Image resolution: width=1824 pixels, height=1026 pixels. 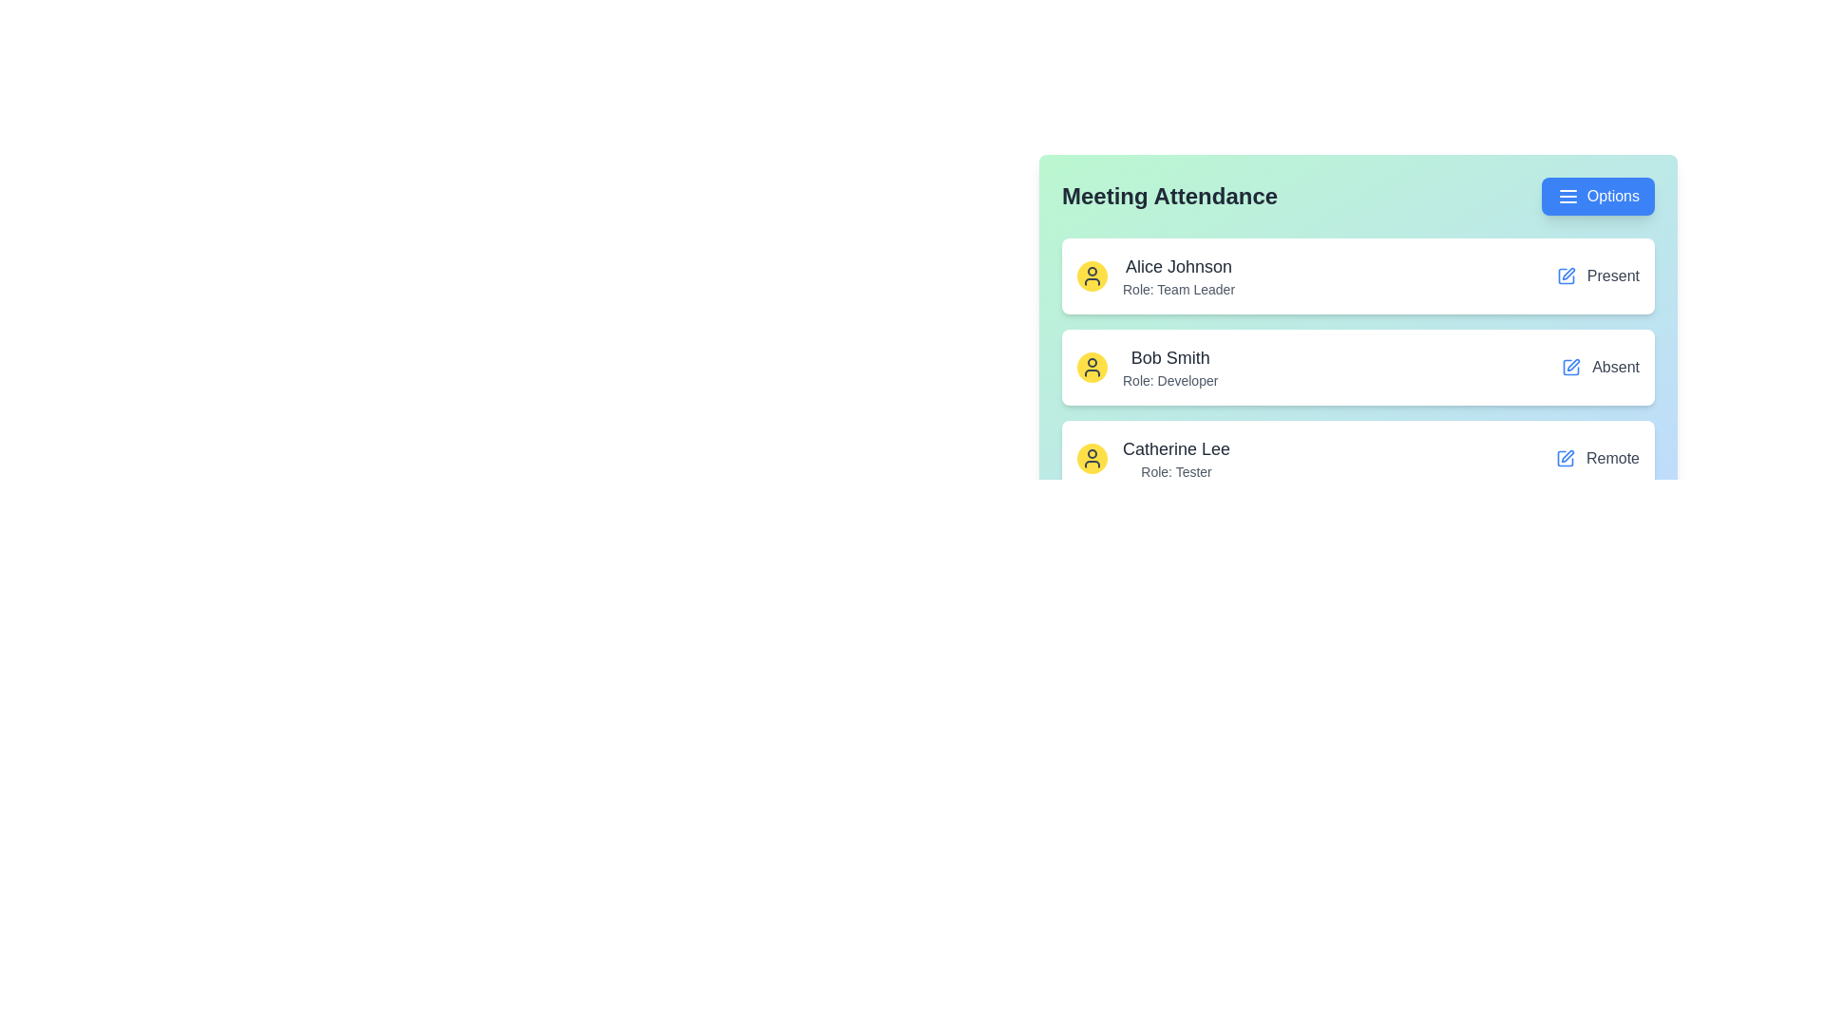 I want to click on the text label indicating attendance status, which shows that the associated individual is absent, located in the rightmost position of the second row under 'Meeting Attendance.', so click(x=1615, y=367).